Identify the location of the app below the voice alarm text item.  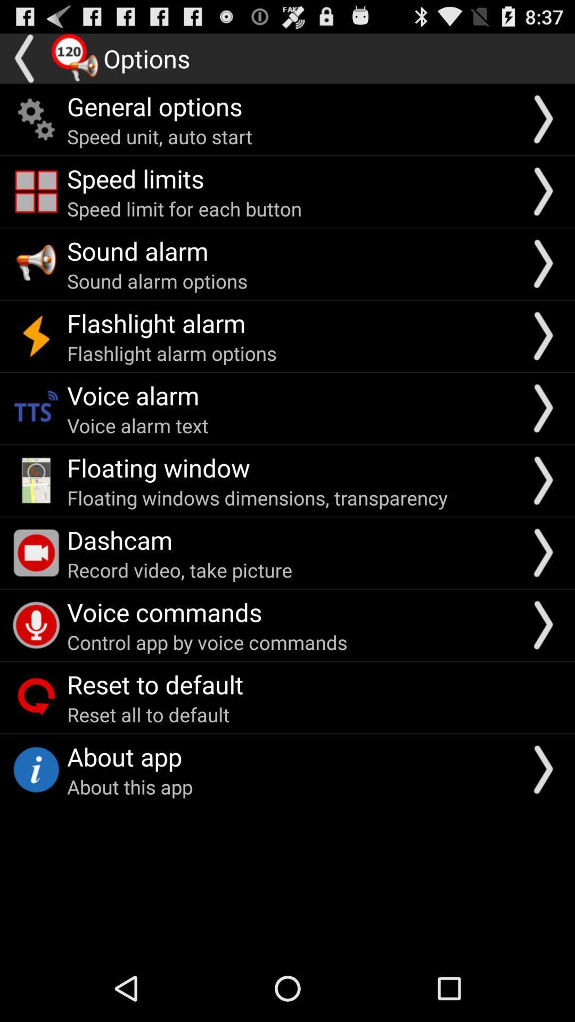
(158, 467).